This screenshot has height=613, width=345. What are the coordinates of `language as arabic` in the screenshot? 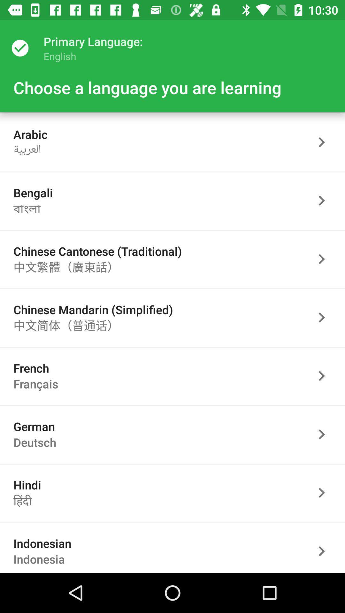 It's located at (325, 142).